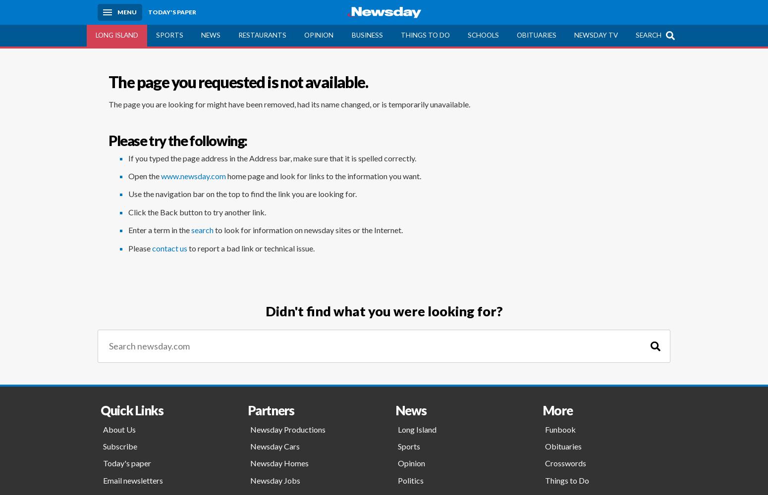 The image size is (768, 495). I want to click on 'Quick Links', so click(131, 409).